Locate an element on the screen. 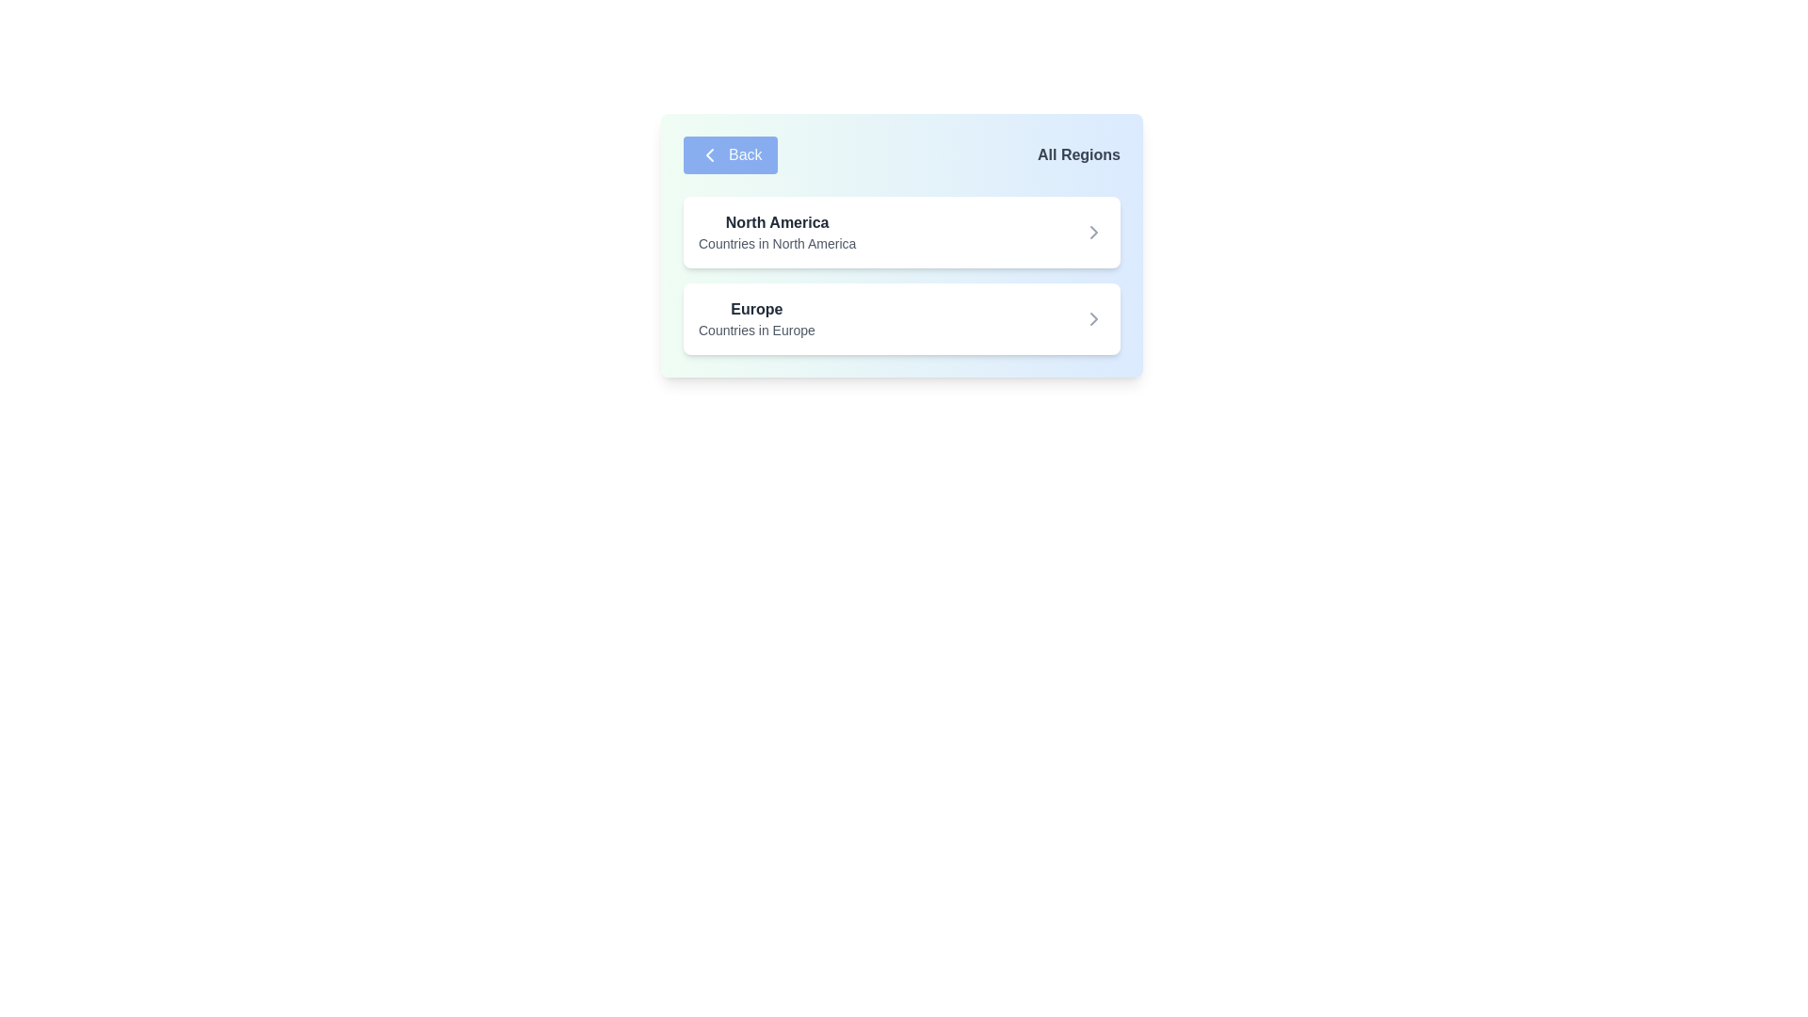  the text label 'Countries in North America', which is styled in gray and positioned below the 'North America' title in a list item card is located at coordinates (777, 242).